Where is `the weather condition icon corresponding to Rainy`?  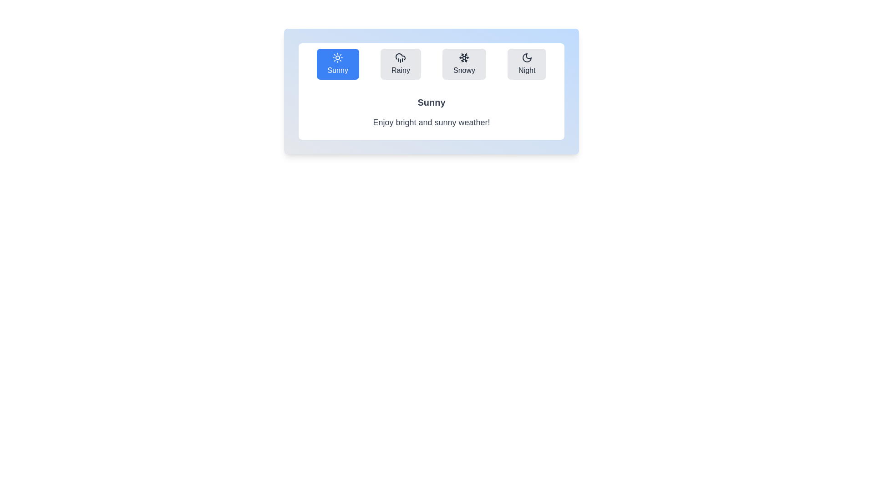
the weather condition icon corresponding to Rainy is located at coordinates (400, 64).